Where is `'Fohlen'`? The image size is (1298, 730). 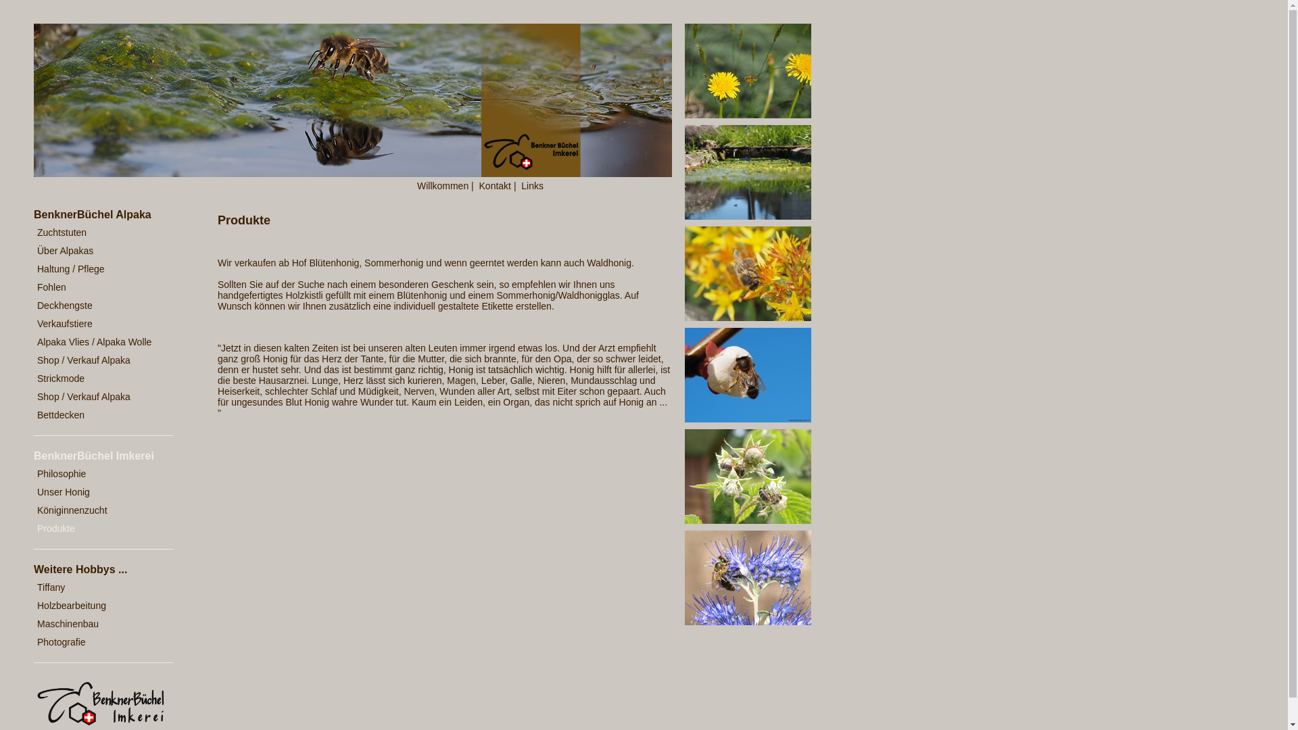 'Fohlen' is located at coordinates (97, 287).